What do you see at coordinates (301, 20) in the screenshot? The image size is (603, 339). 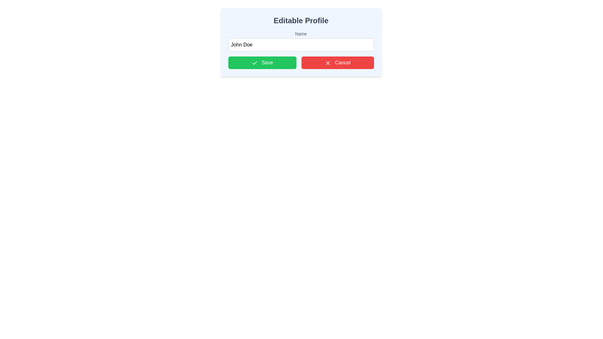 I see `the 'Editable Profile' text label that is styled with a bold and slightly larger font, positioned at the top-center of the card-like component` at bounding box center [301, 20].